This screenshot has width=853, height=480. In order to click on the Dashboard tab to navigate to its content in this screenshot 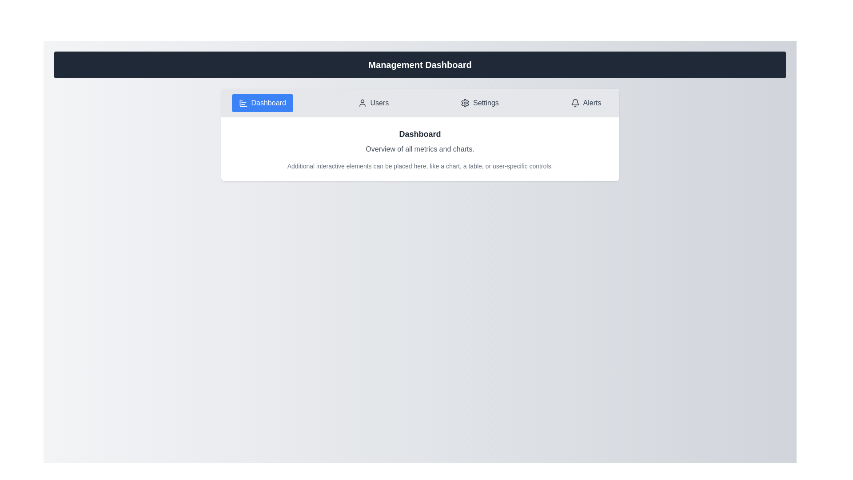, I will do `click(262, 102)`.